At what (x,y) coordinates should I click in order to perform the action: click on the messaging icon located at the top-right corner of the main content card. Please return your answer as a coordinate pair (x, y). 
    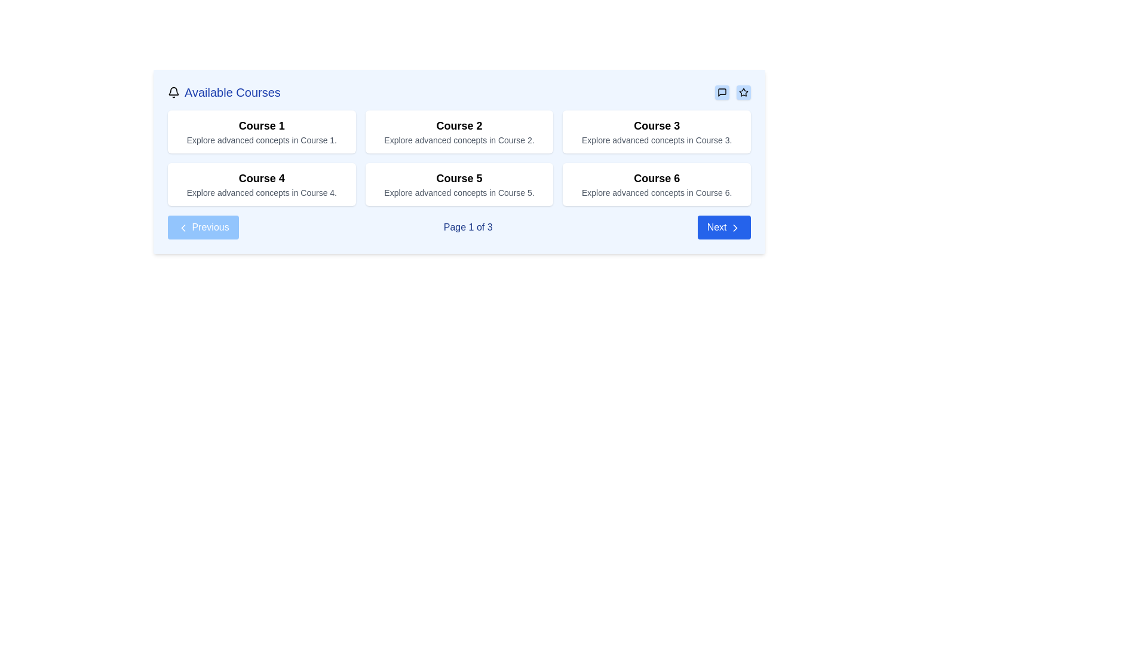
    Looking at the image, I should click on (722, 91).